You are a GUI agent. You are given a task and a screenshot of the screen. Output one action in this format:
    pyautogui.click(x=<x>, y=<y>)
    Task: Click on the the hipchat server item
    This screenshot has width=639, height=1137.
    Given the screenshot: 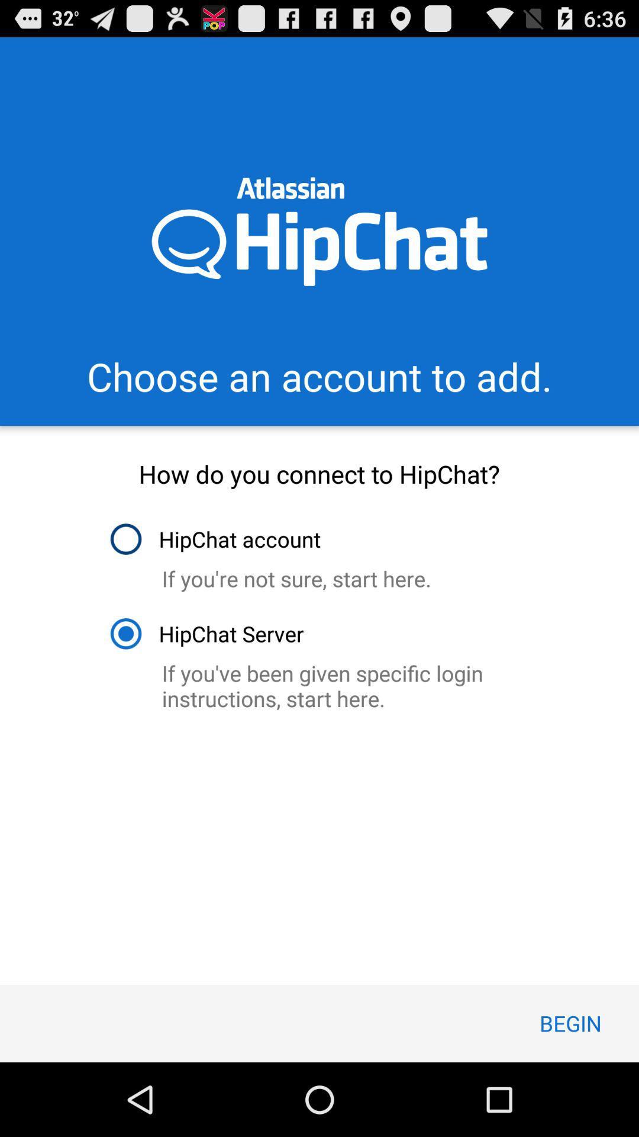 What is the action you would take?
    pyautogui.click(x=206, y=633)
    